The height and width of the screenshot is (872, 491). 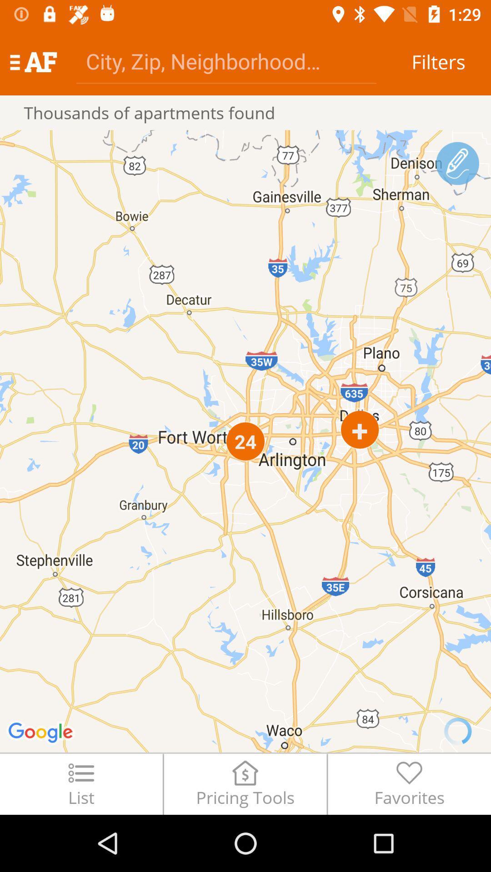 What do you see at coordinates (409, 783) in the screenshot?
I see `favorites icon` at bounding box center [409, 783].